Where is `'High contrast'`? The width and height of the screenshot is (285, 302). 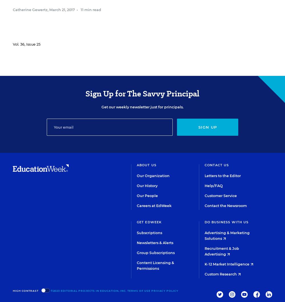 'High contrast' is located at coordinates (25, 290).